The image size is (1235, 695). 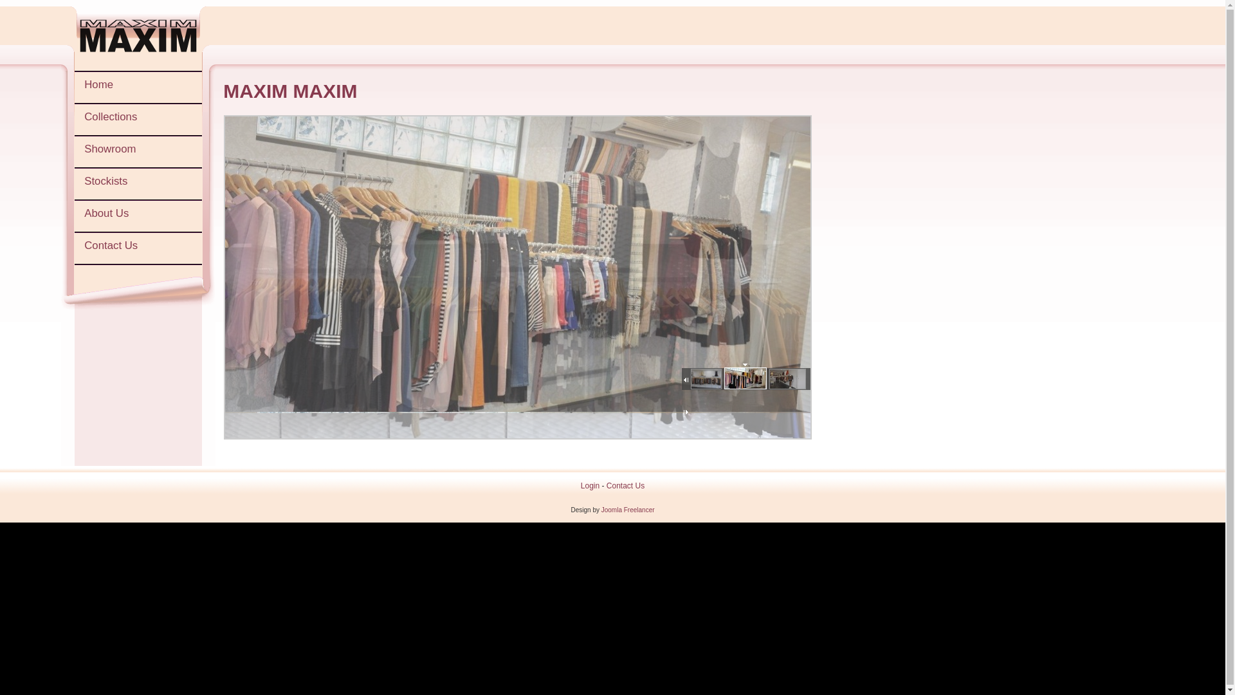 I want to click on 'Joomla Freelancer', so click(x=628, y=509).